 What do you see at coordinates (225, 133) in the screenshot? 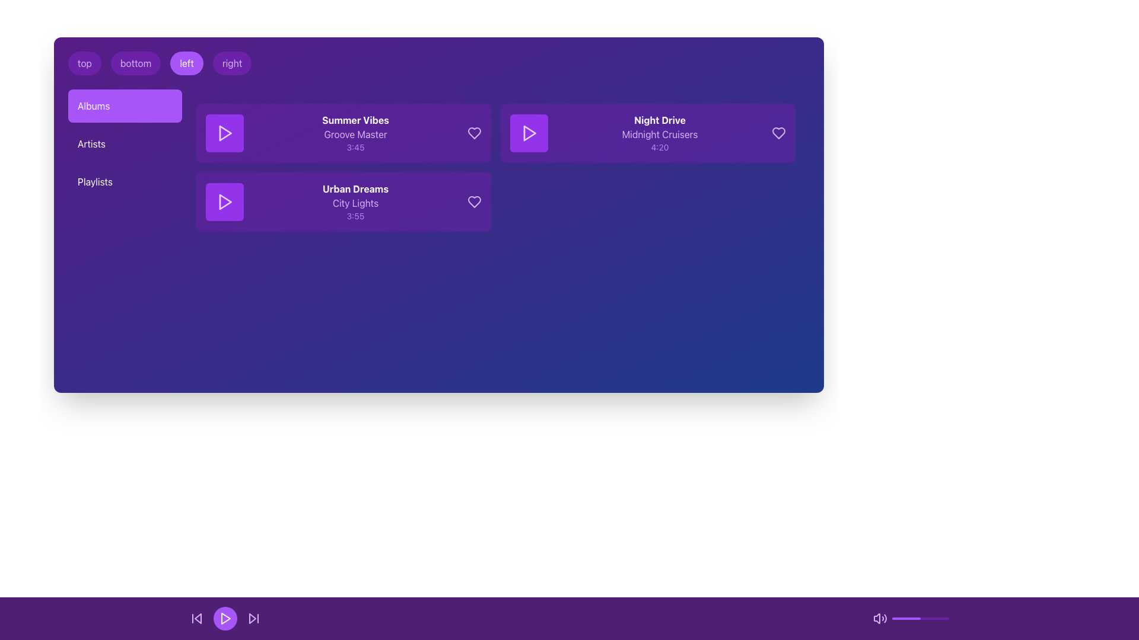
I see `the triangular play icon outlined with light purple color located within the square purple button` at bounding box center [225, 133].